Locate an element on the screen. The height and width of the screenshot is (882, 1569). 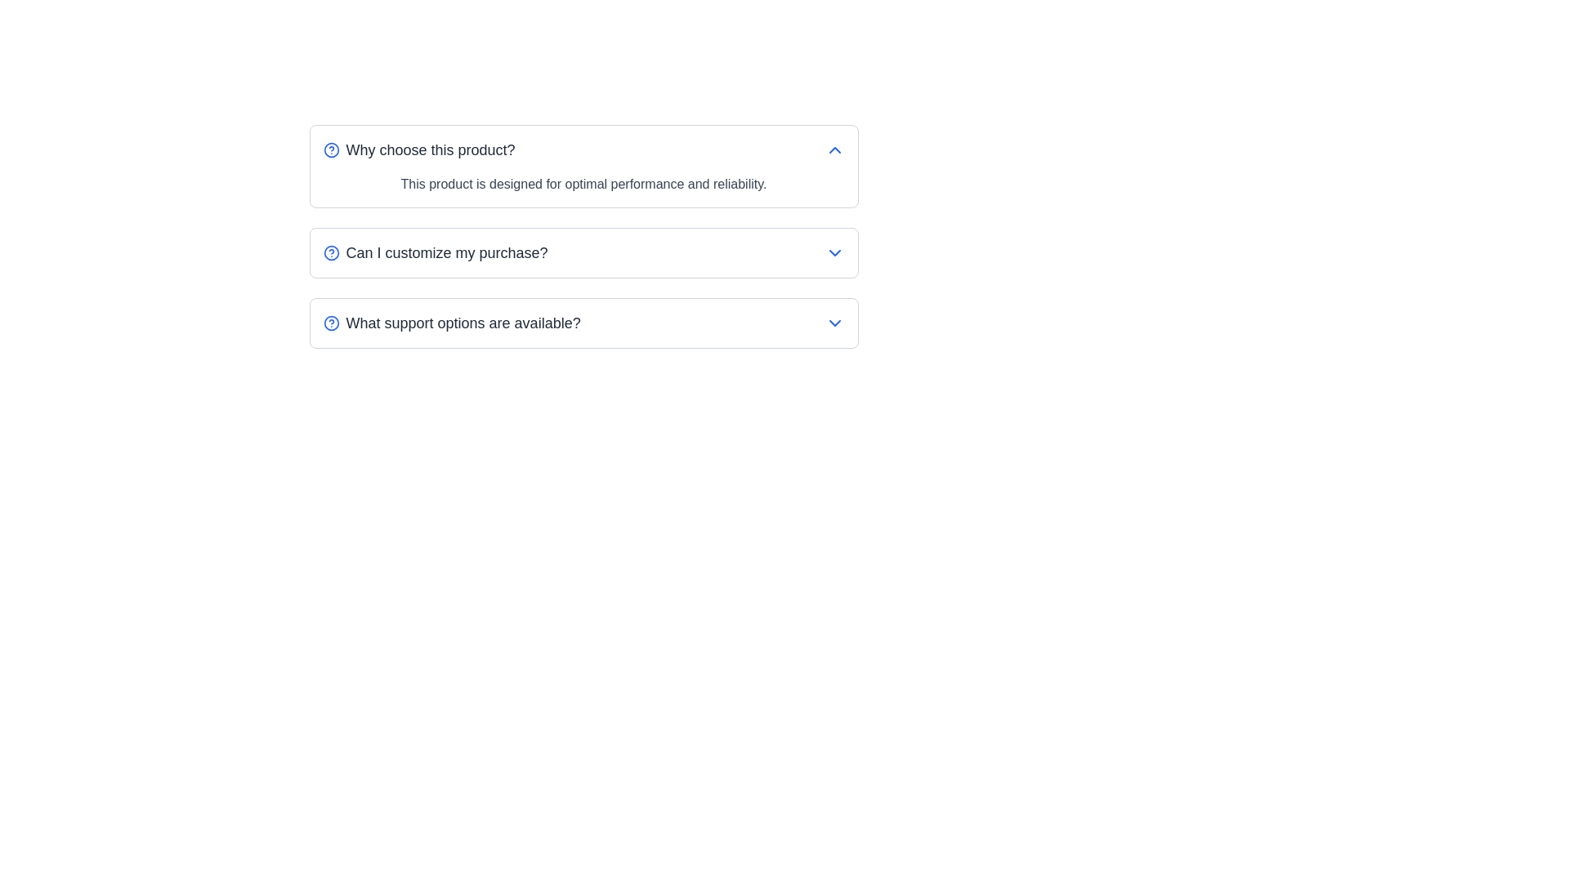
the circular graphic element that is centrally located within the help icon next to the 'What support options are available?' question is located at coordinates (330, 323).